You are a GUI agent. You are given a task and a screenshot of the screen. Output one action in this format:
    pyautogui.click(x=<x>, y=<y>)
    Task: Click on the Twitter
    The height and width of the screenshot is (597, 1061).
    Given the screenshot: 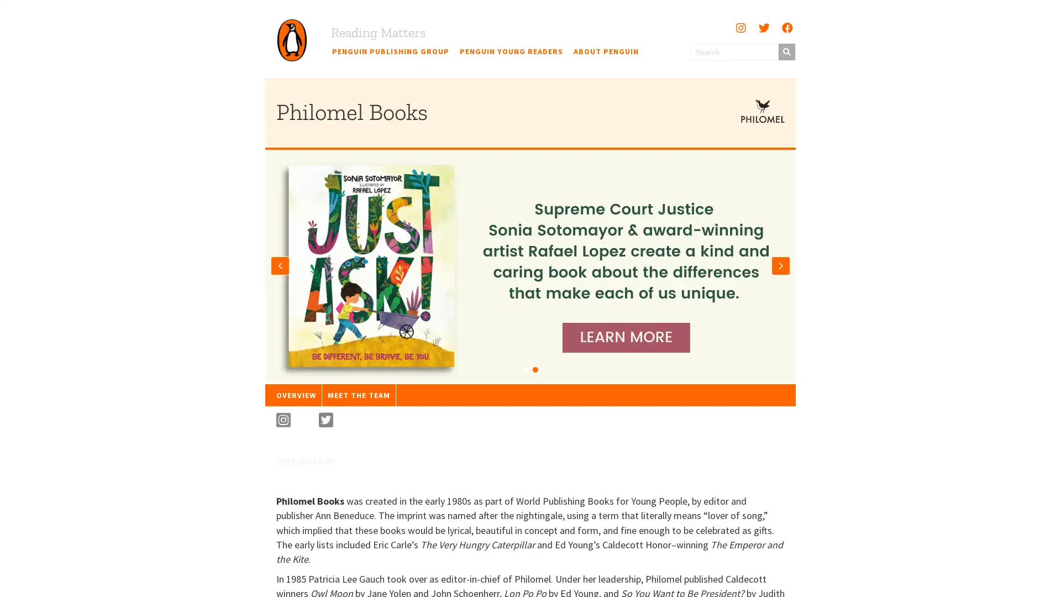 What is the action you would take?
    pyautogui.click(x=763, y=27)
    